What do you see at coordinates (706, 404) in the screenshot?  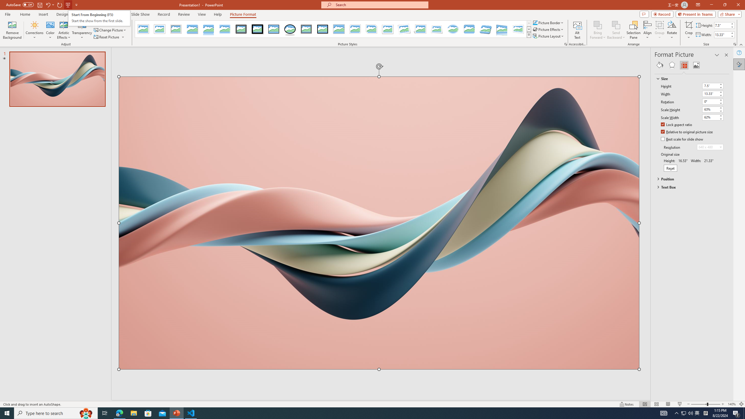 I see `'Zoom'` at bounding box center [706, 404].